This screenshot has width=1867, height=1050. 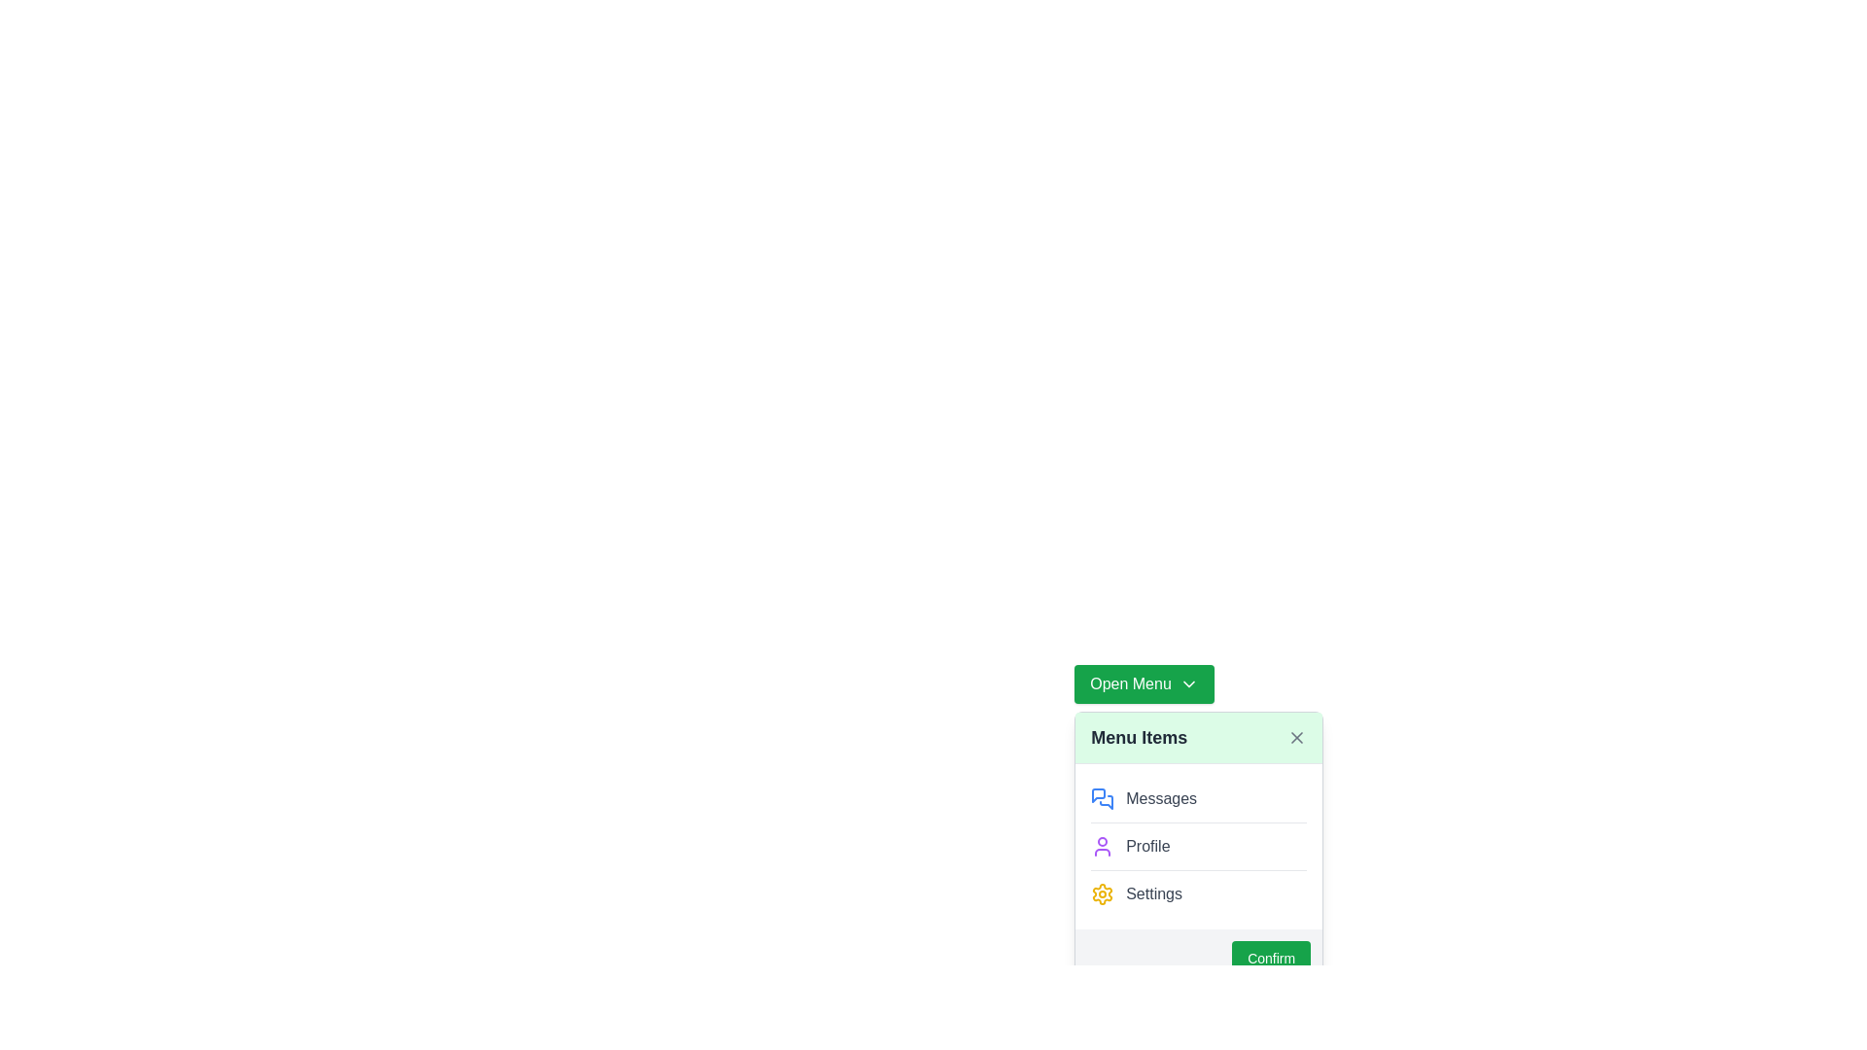 What do you see at coordinates (1154, 894) in the screenshot?
I see `the 'Settings' label, which is the third item in the vertical menu list` at bounding box center [1154, 894].